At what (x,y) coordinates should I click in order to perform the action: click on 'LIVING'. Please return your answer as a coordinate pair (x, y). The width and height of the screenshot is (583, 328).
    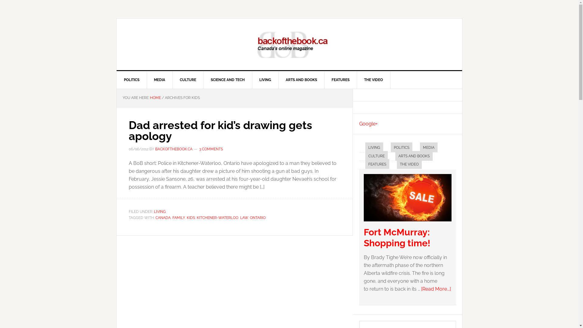
    Looking at the image, I should click on (364, 147).